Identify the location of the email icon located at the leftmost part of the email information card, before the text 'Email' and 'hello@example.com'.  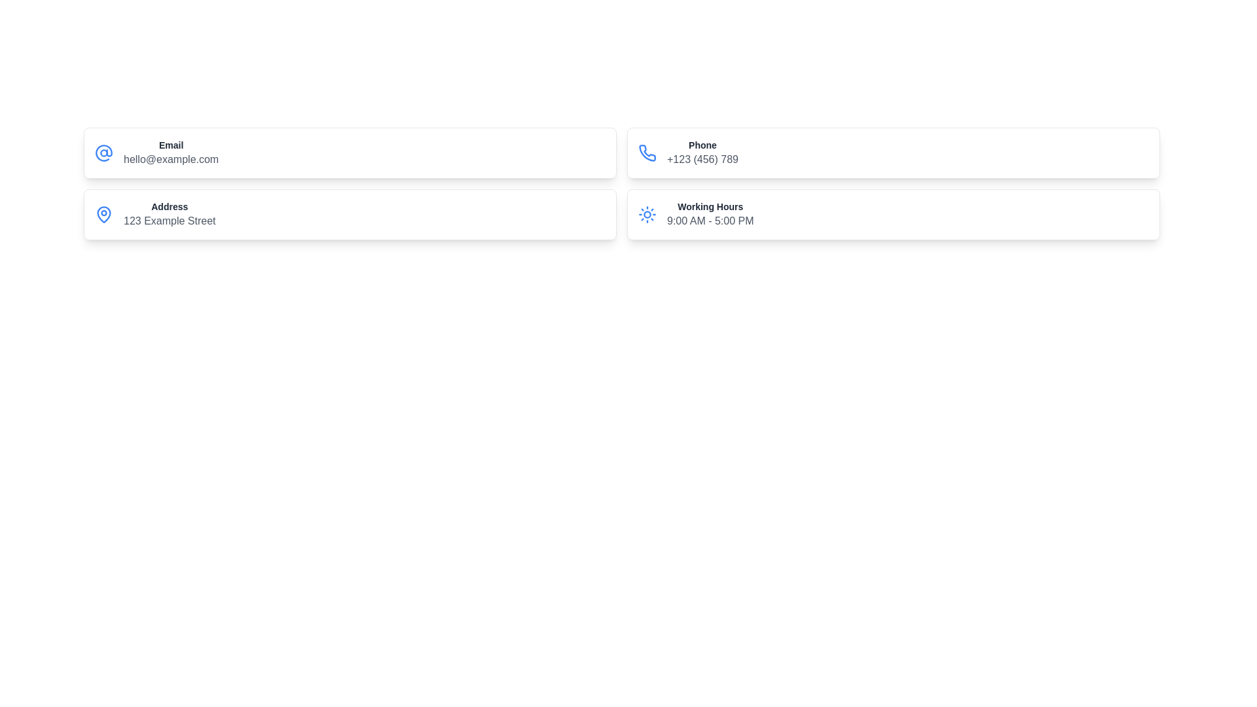
(103, 153).